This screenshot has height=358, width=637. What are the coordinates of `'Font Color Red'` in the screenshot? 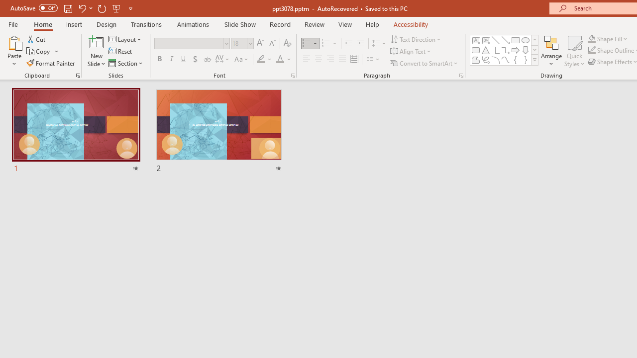 It's located at (279, 59).